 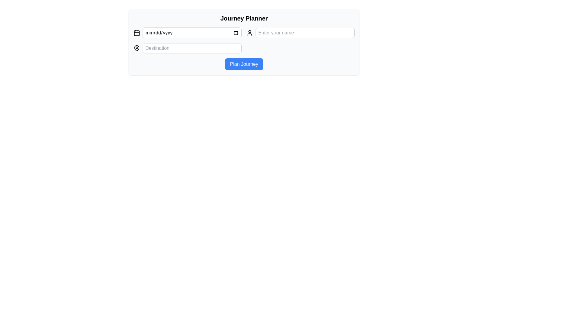 I want to click on the user profile icon located to the left of the 'Enter your name' input field for its indicative purpose, so click(x=250, y=33).